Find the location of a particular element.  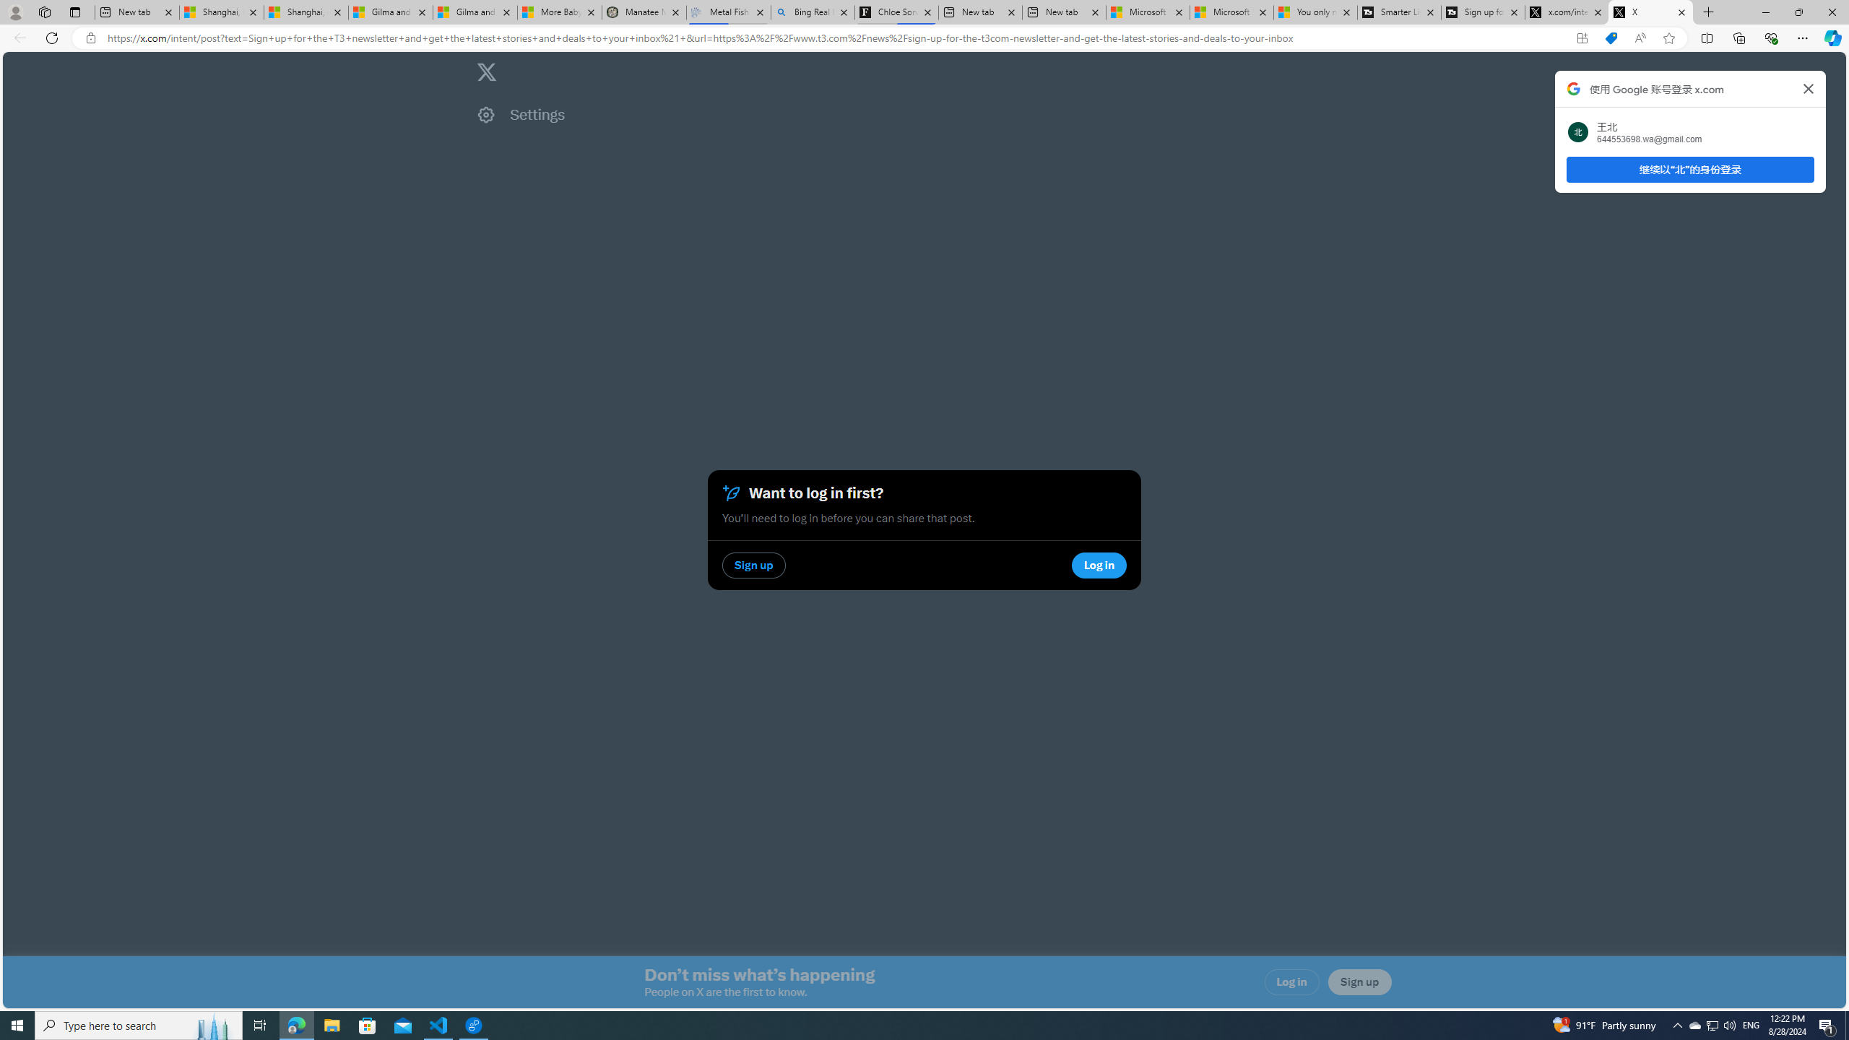

'Smarter Living | T3' is located at coordinates (1398, 12).